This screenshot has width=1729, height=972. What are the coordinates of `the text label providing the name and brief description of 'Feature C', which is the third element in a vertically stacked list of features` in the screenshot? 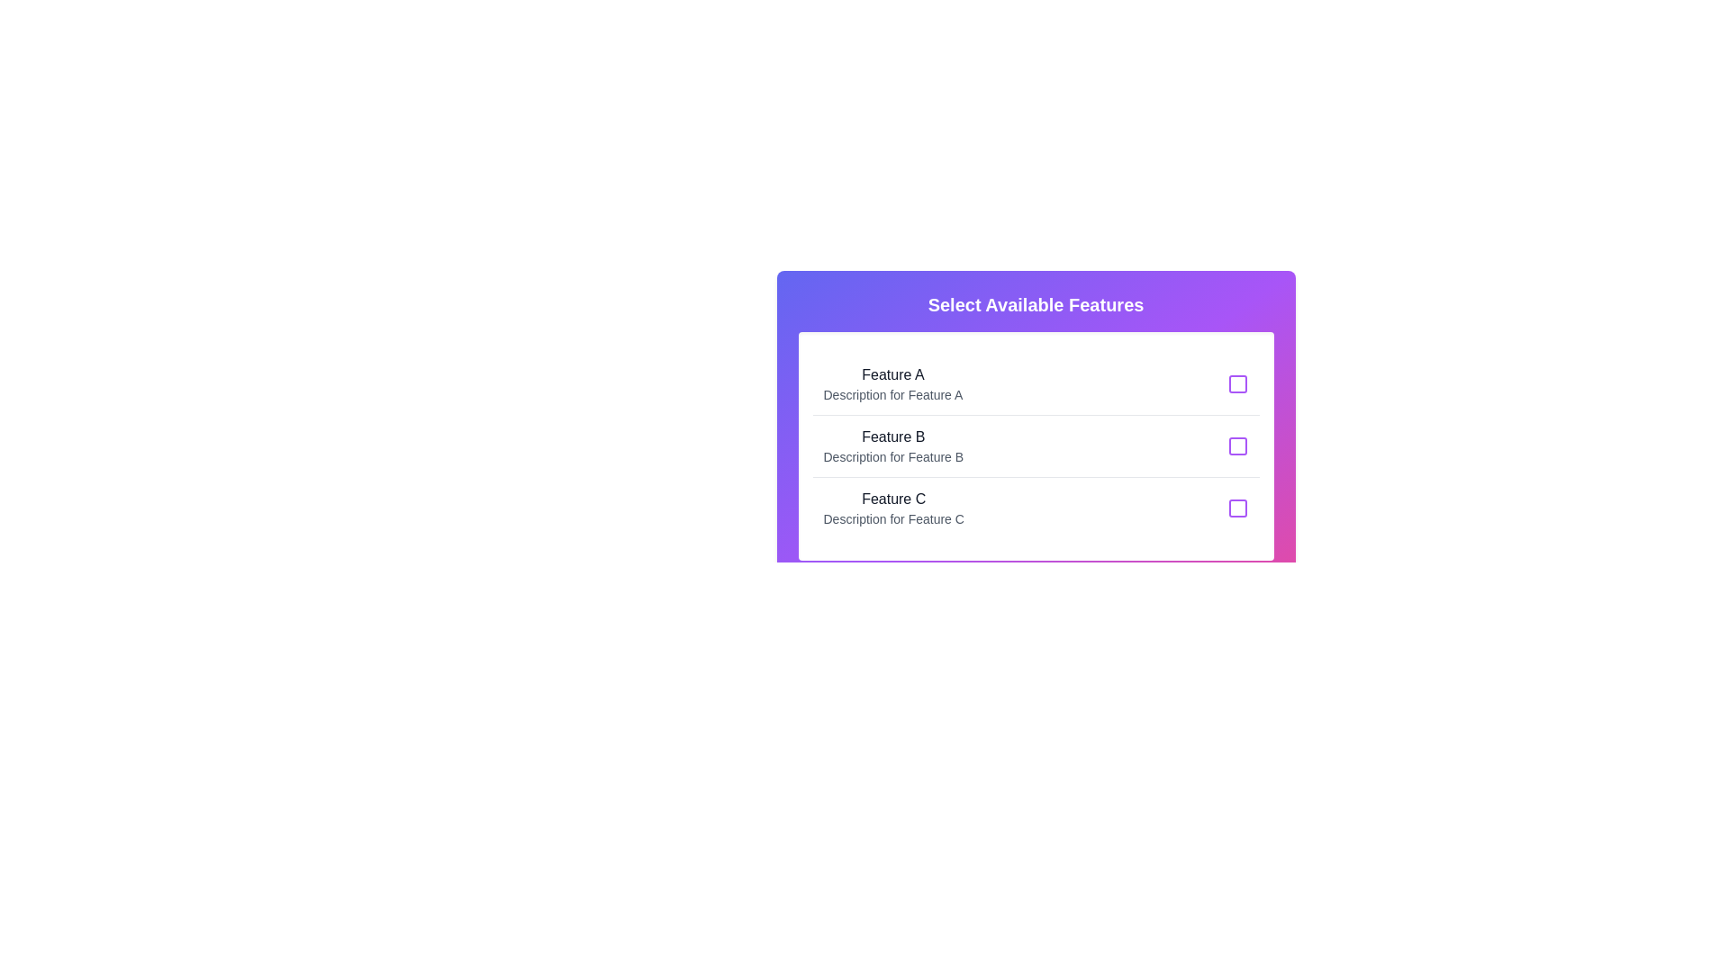 It's located at (893, 508).